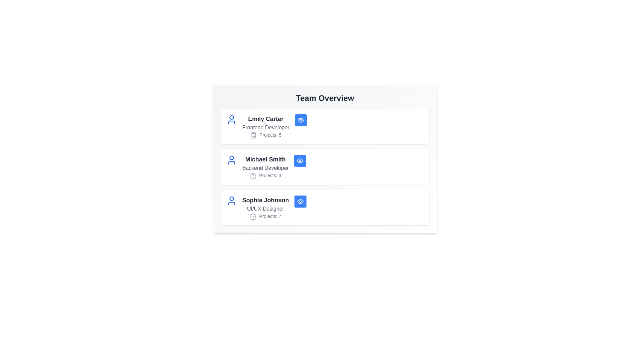 The image size is (641, 361). What do you see at coordinates (325, 207) in the screenshot?
I see `the card of Sophia Johnson to observe hover effects` at bounding box center [325, 207].